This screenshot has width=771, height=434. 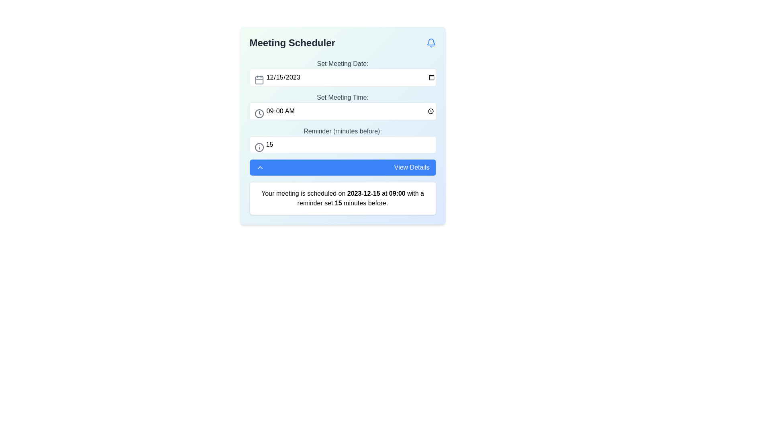 I want to click on the bold text label reading 'Meeting Scheduler', which is styled in a large font size and dark gray color, located at the upper part of the interface, so click(x=292, y=43).